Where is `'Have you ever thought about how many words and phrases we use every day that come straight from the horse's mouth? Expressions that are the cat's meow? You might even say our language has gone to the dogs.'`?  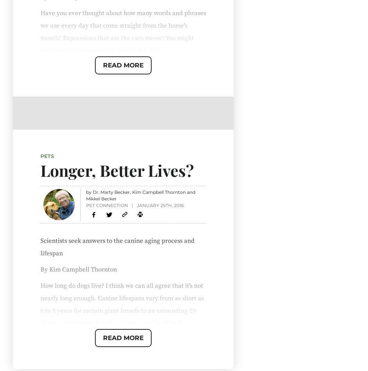 'Have you ever thought about how many words and phrases we use every day that come straight from the horse's mouth? Expressions that are the cat's meow? You might even say our language has gone to the dogs.' is located at coordinates (123, 32).